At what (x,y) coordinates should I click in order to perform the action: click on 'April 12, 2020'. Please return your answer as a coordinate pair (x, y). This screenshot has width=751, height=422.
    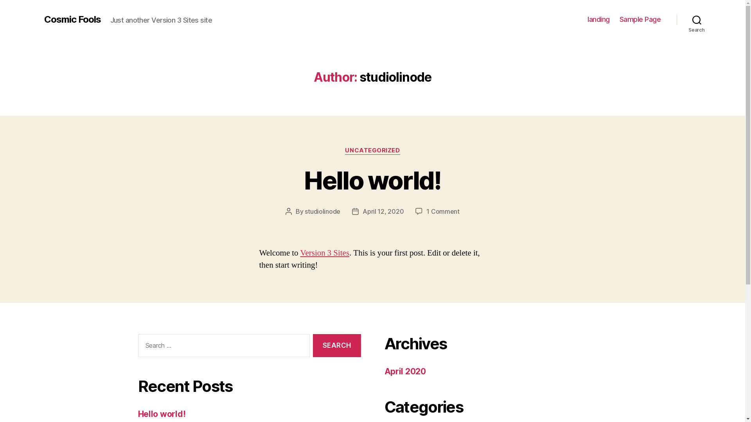
    Looking at the image, I should click on (383, 211).